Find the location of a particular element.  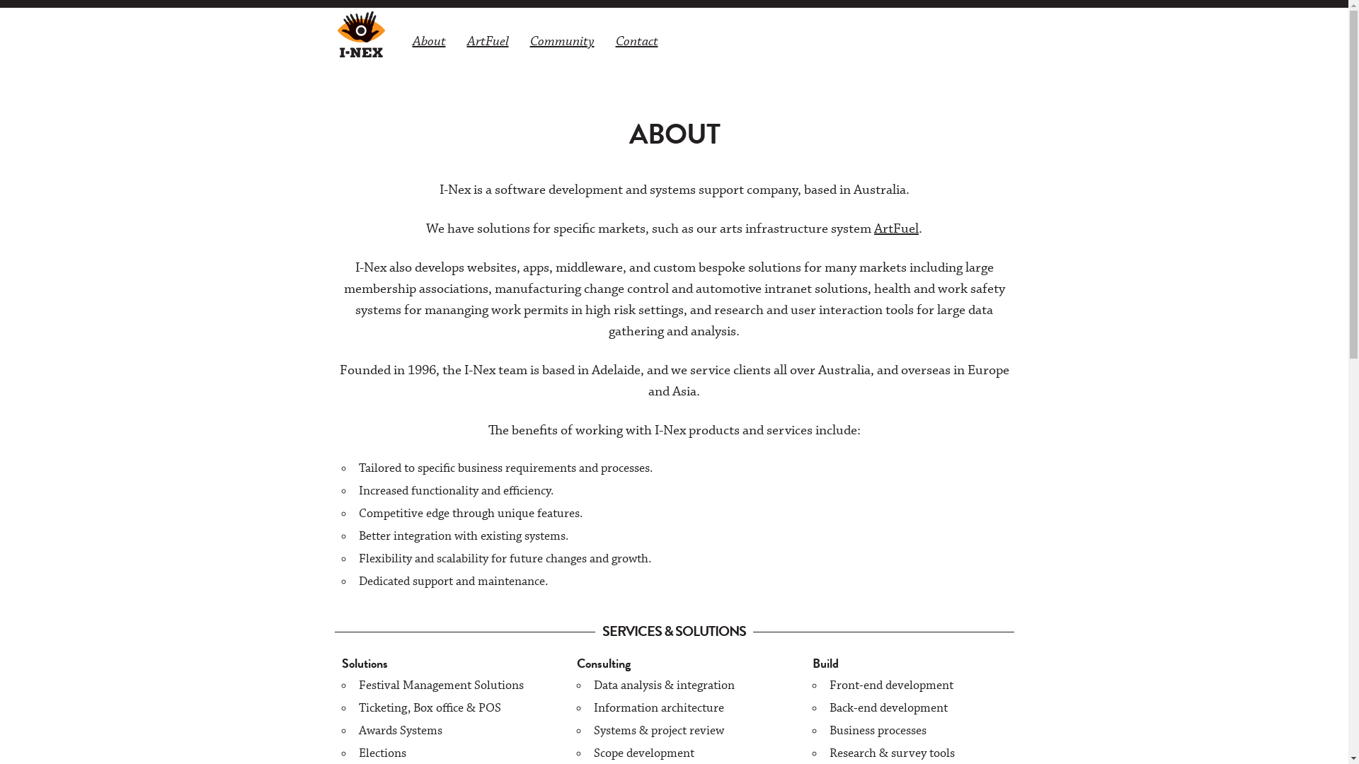

'ArtFuel' is located at coordinates (455, 40).